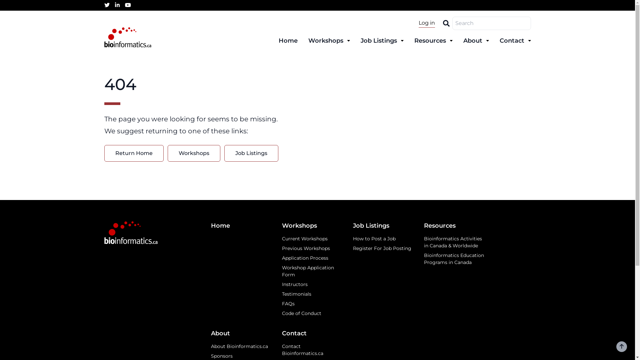 Image resolution: width=640 pixels, height=360 pixels. Describe the element at coordinates (312, 294) in the screenshot. I see `'Testimonials'` at that location.